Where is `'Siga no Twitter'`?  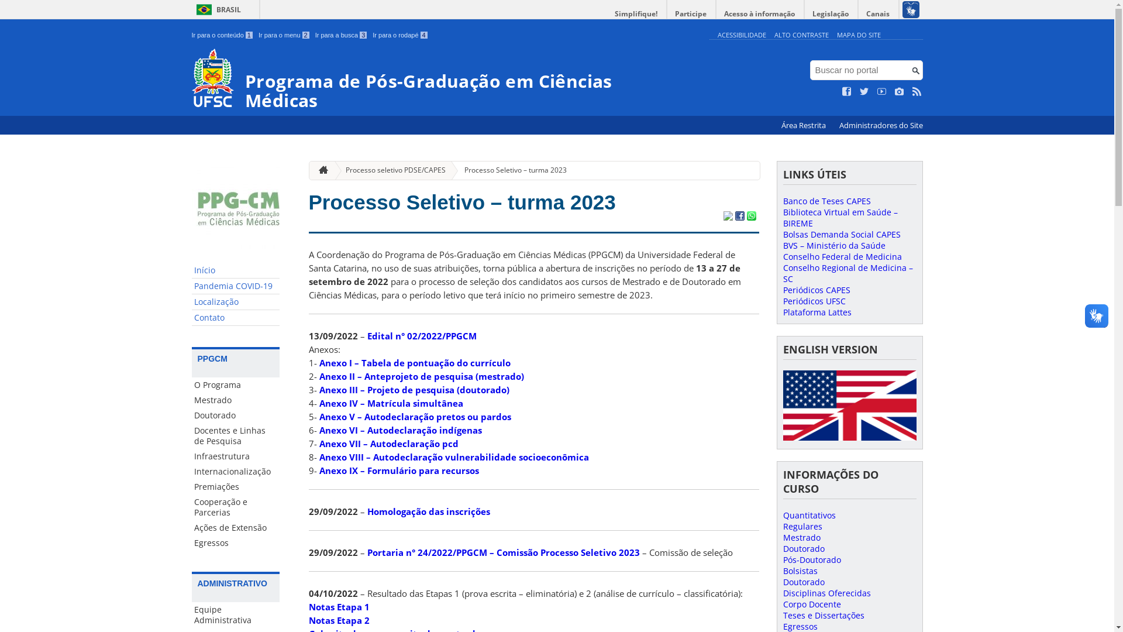
'Siga no Twitter' is located at coordinates (859, 91).